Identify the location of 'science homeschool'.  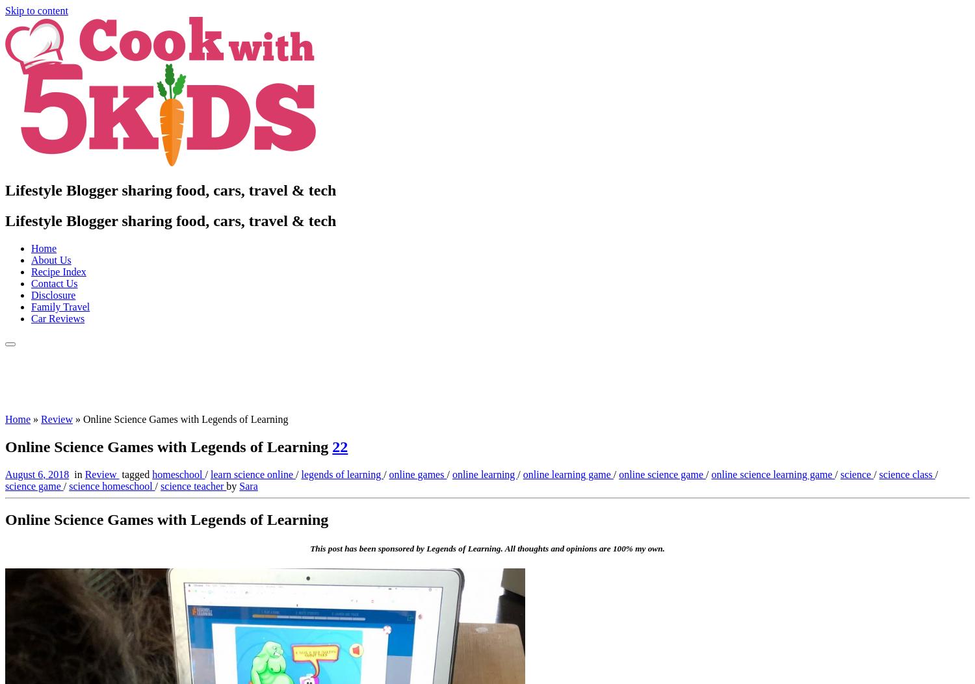
(112, 485).